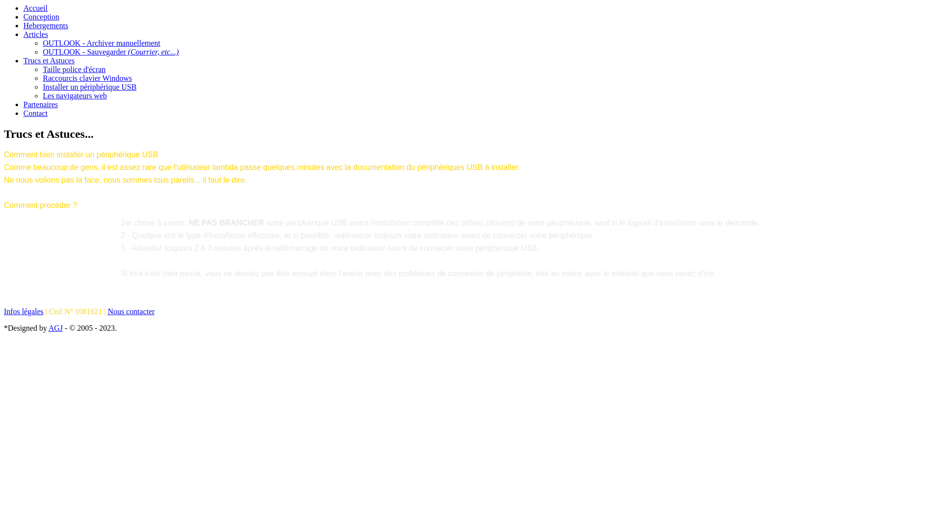  What do you see at coordinates (40, 104) in the screenshot?
I see `'Partenaires'` at bounding box center [40, 104].